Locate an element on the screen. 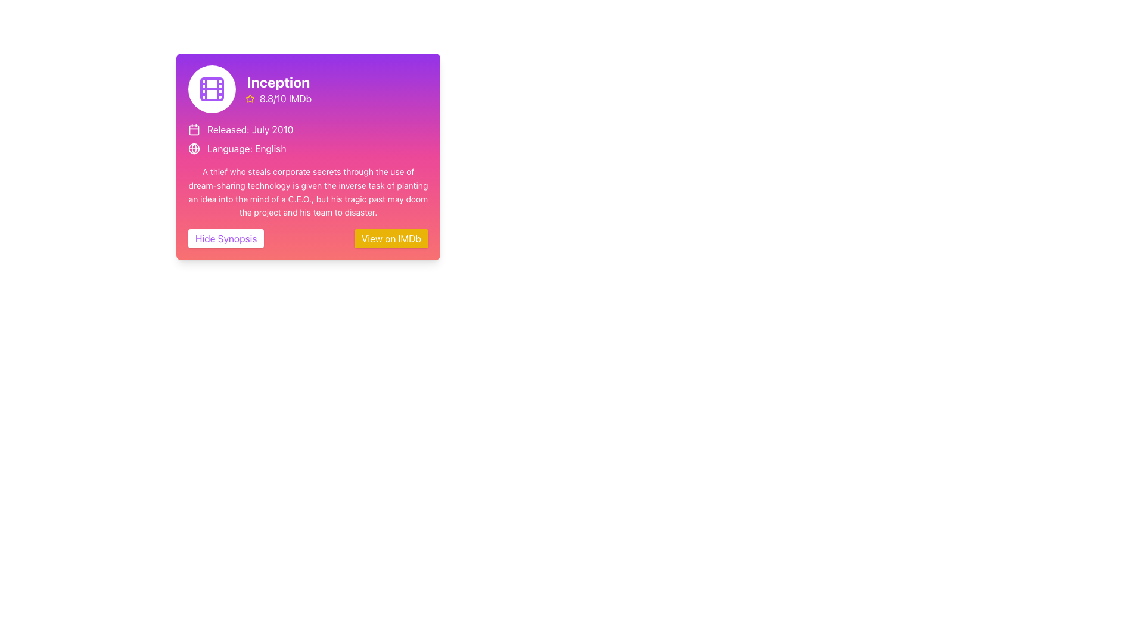  the calendar icon representing the main body of the calendar for the movie 'Inception', located centrally under the month strokes is located at coordinates (194, 130).